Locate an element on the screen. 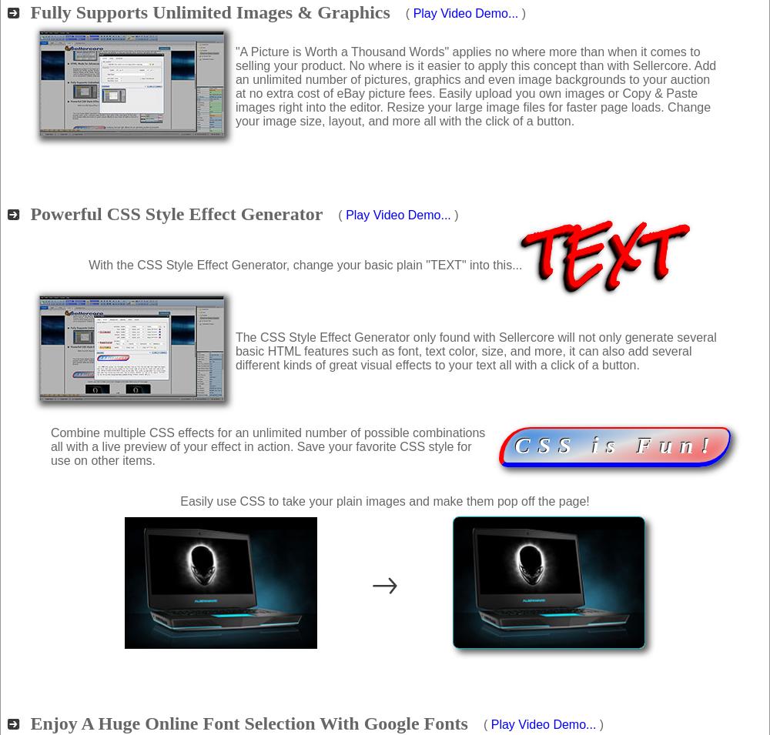  'Powerful CSS Style Effect Generator' is located at coordinates (176, 214).